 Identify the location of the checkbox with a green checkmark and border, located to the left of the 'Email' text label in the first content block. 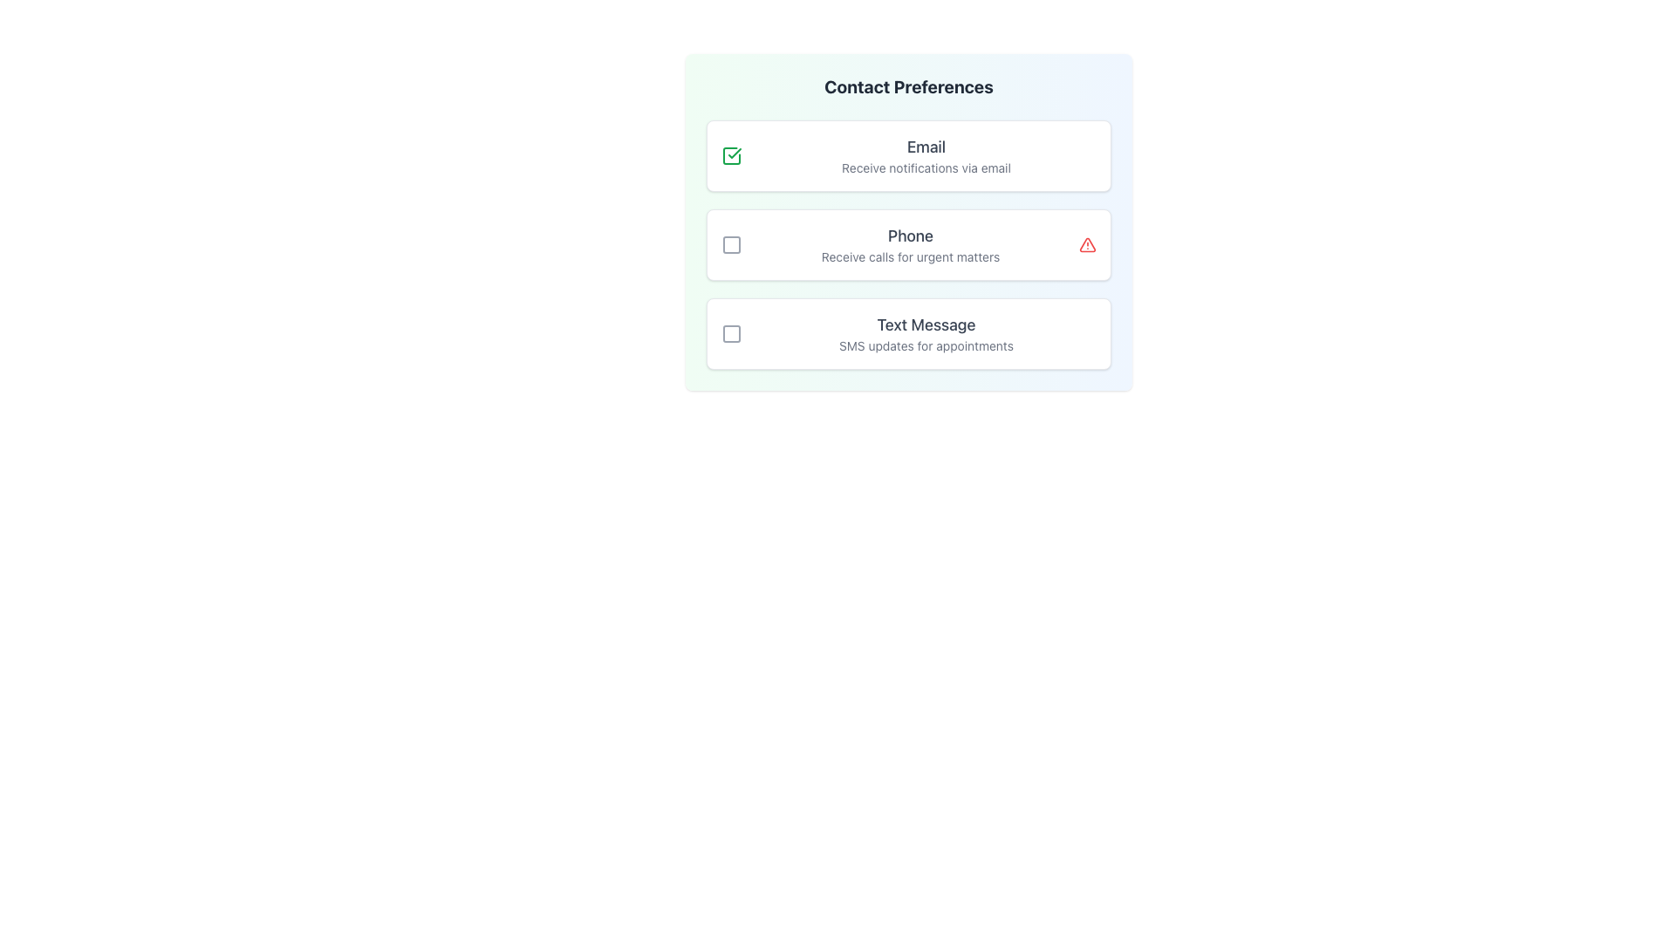
(732, 154).